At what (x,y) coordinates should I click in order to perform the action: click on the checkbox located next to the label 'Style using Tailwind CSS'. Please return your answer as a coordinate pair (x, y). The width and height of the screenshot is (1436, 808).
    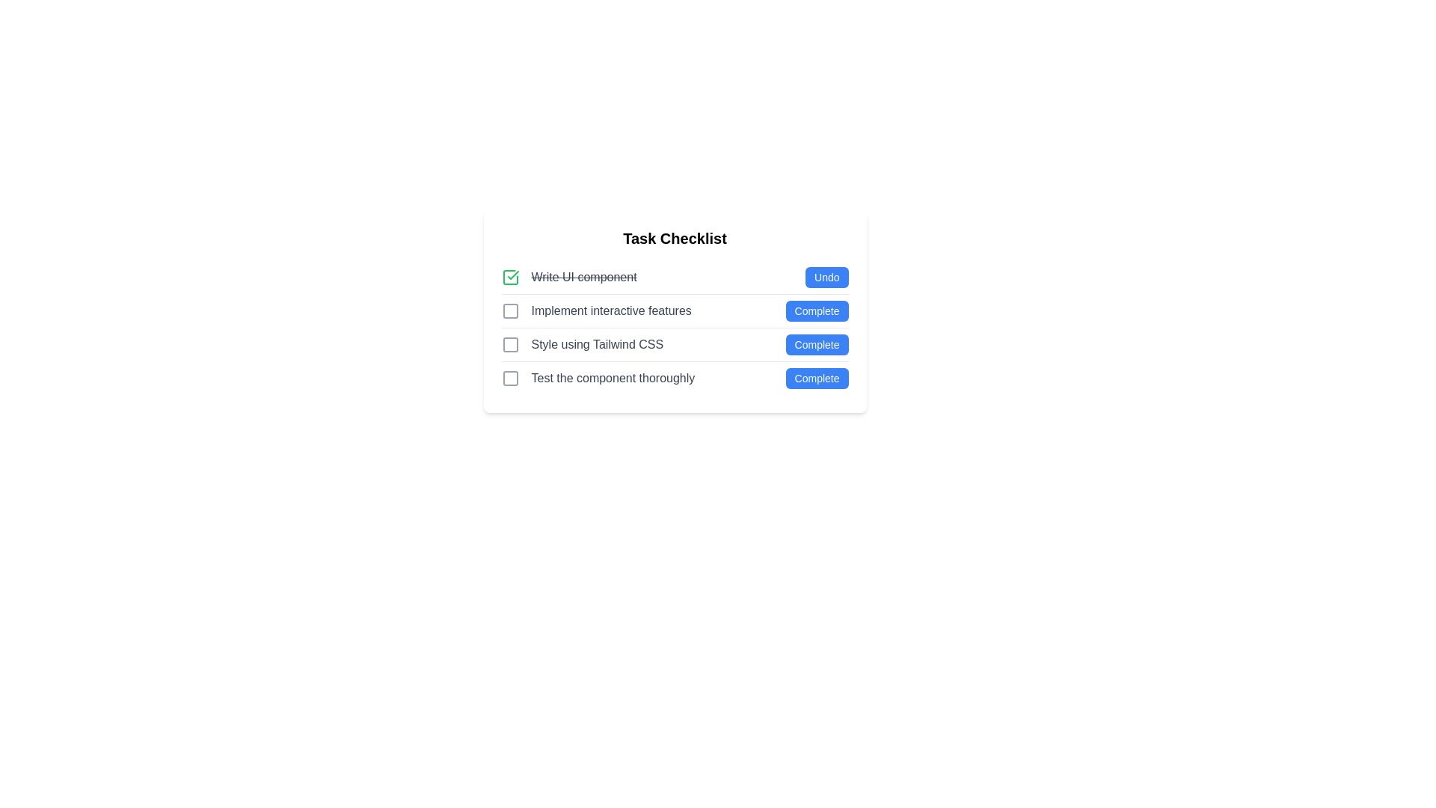
    Looking at the image, I should click on (510, 345).